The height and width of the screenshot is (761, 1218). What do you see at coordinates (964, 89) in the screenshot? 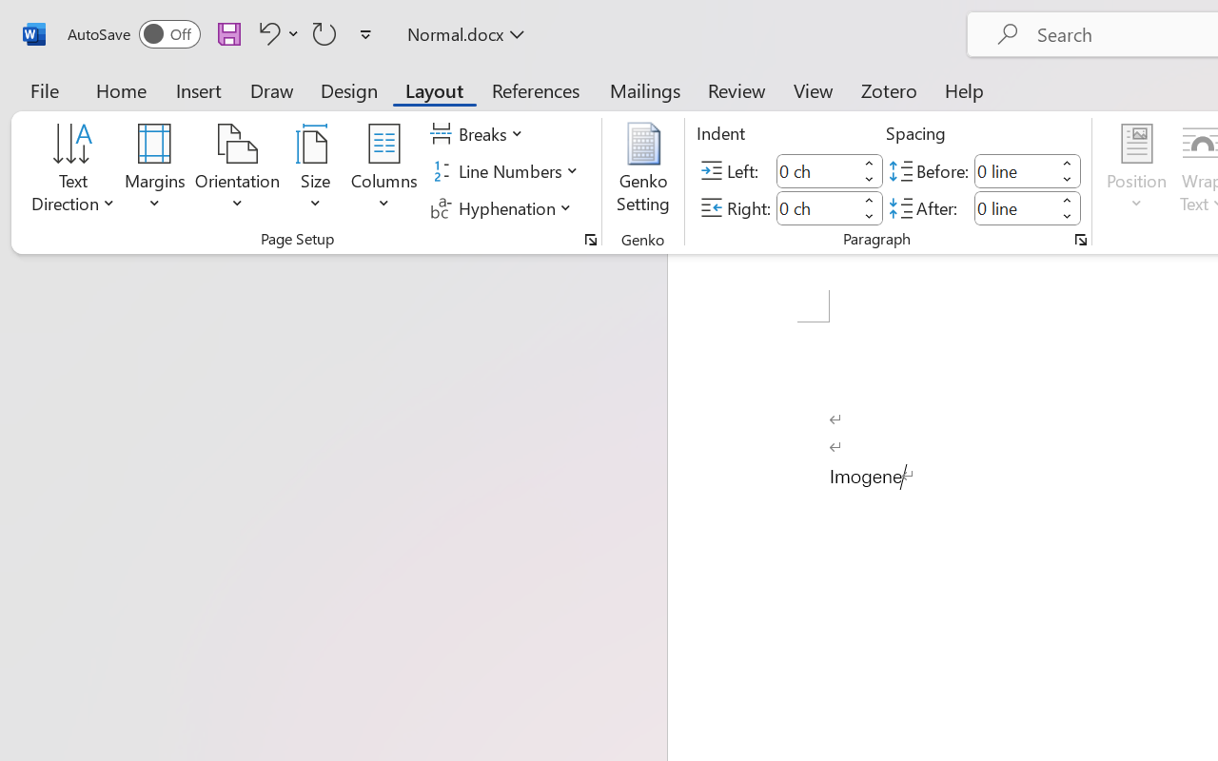
I see `'Help'` at bounding box center [964, 89].